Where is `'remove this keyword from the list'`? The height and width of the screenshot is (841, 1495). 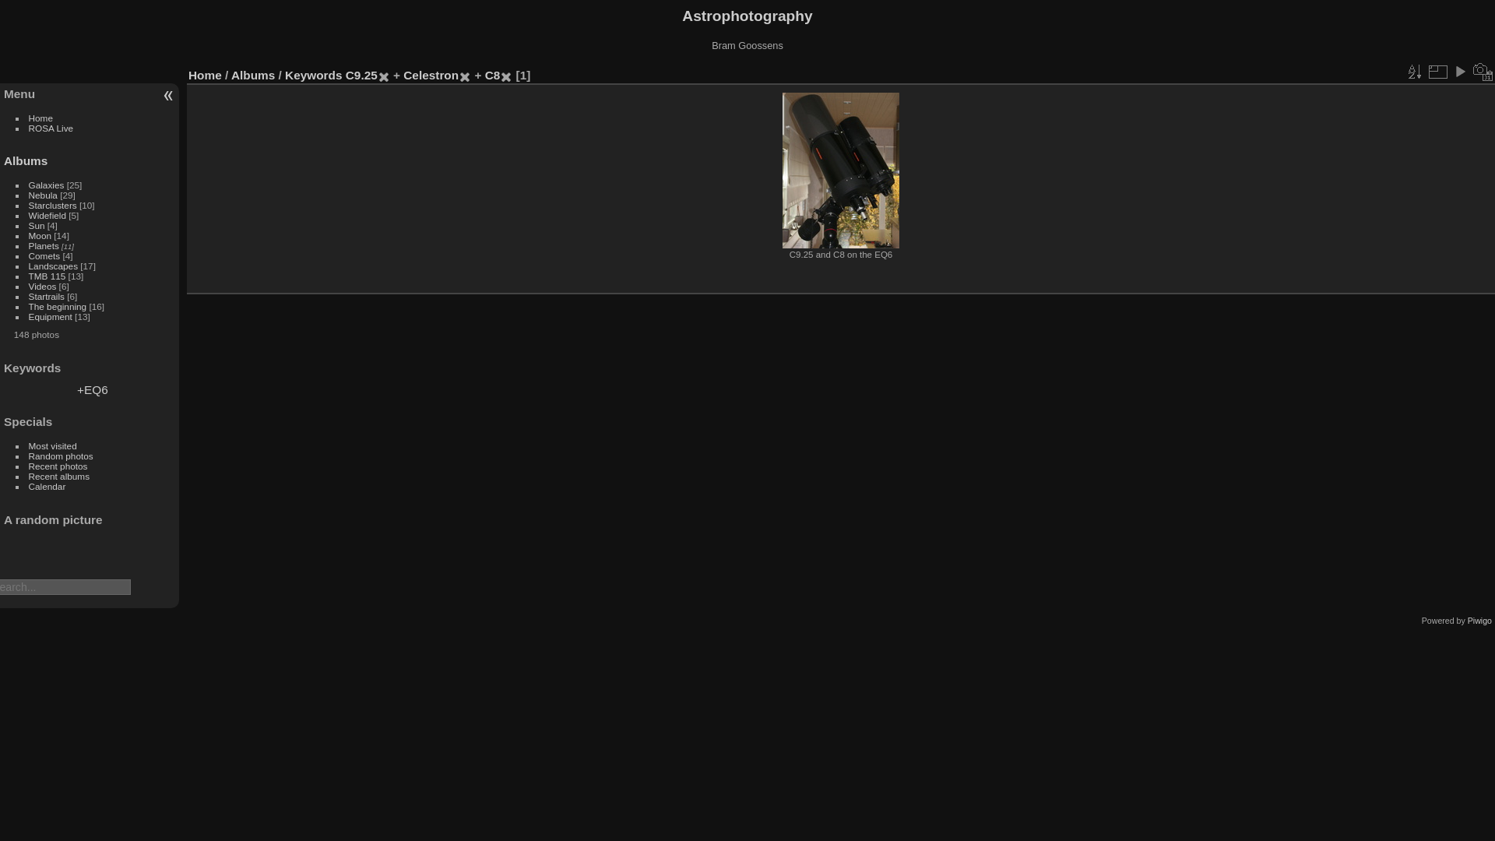 'remove this keyword from the list' is located at coordinates (458, 75).